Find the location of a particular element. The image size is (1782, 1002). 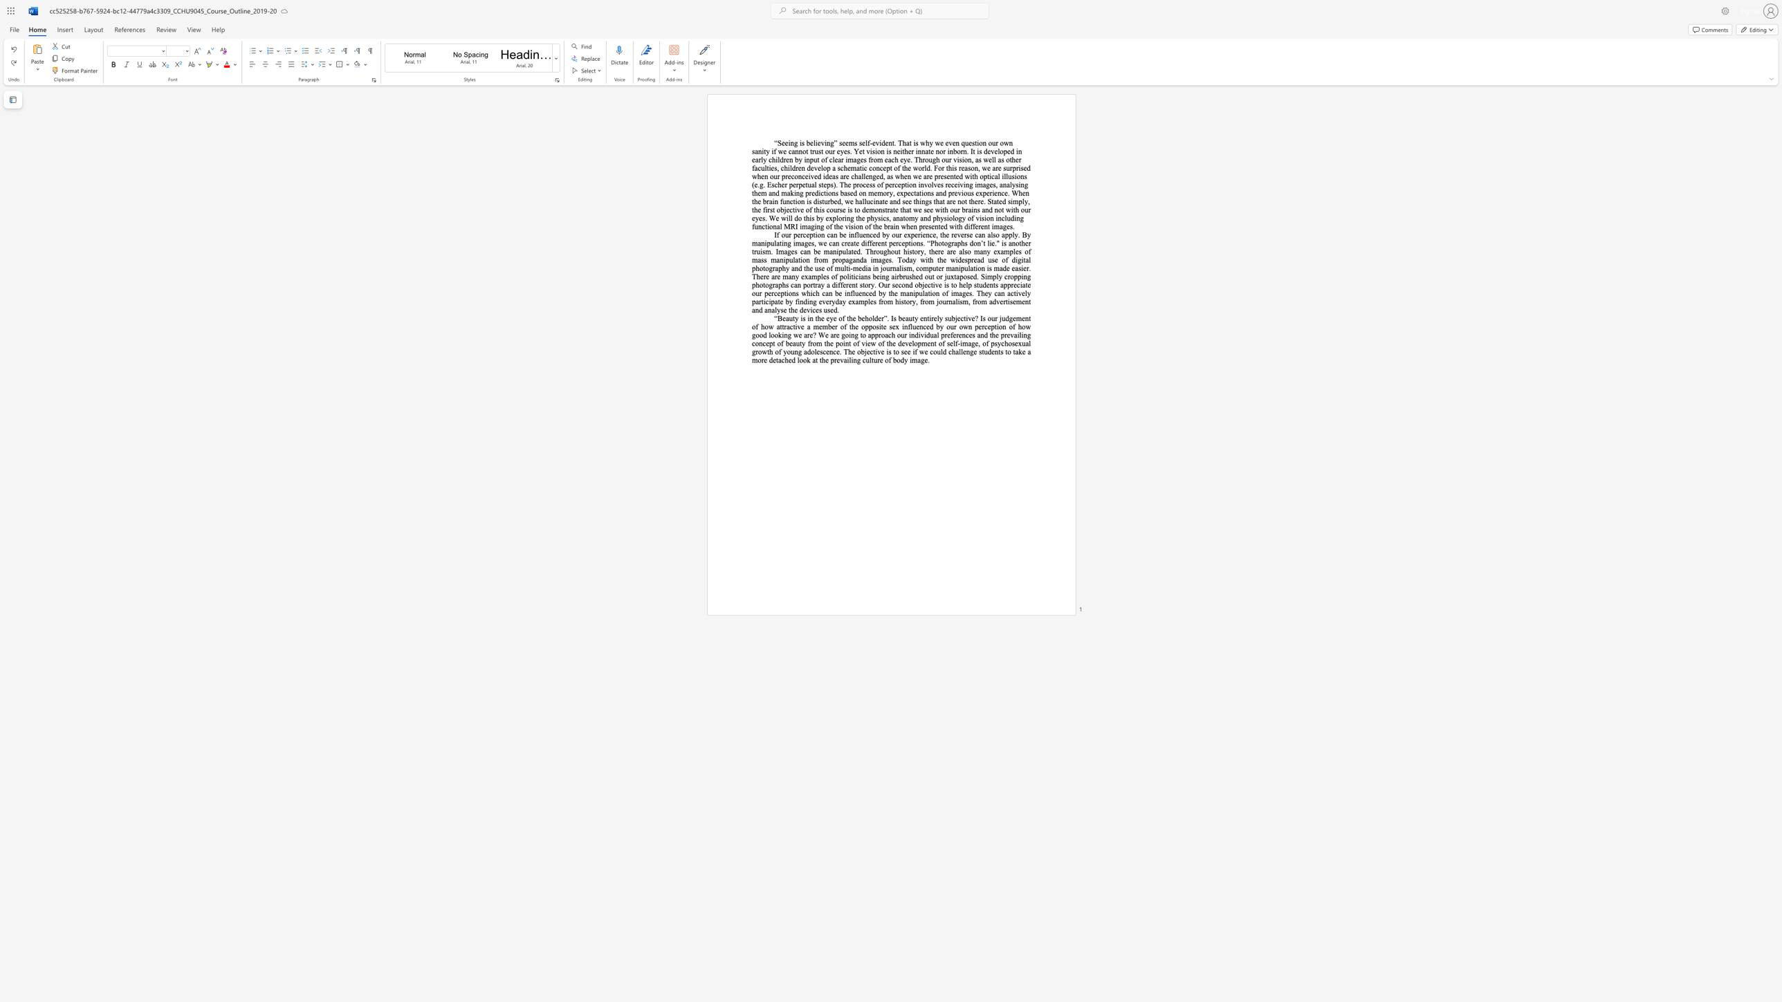

the subset text "eptions. “Photographs don’t lie." within the text "If our perception can be influenced by our experience, the reverse can also apply. By manipulating images, we can create different perceptions. “Photographs don’t lie." is located at coordinates (901, 243).